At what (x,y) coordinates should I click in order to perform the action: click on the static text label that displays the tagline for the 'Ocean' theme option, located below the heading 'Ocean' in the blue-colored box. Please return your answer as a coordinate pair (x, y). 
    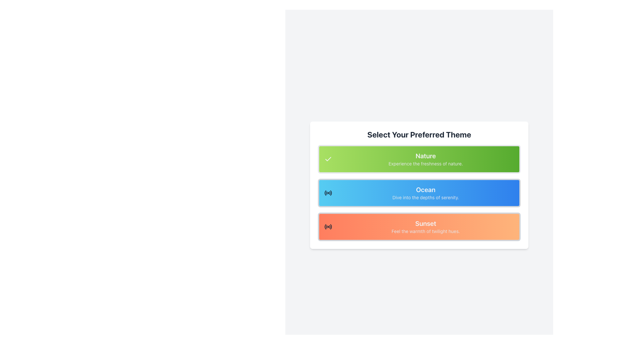
    Looking at the image, I should click on (426, 197).